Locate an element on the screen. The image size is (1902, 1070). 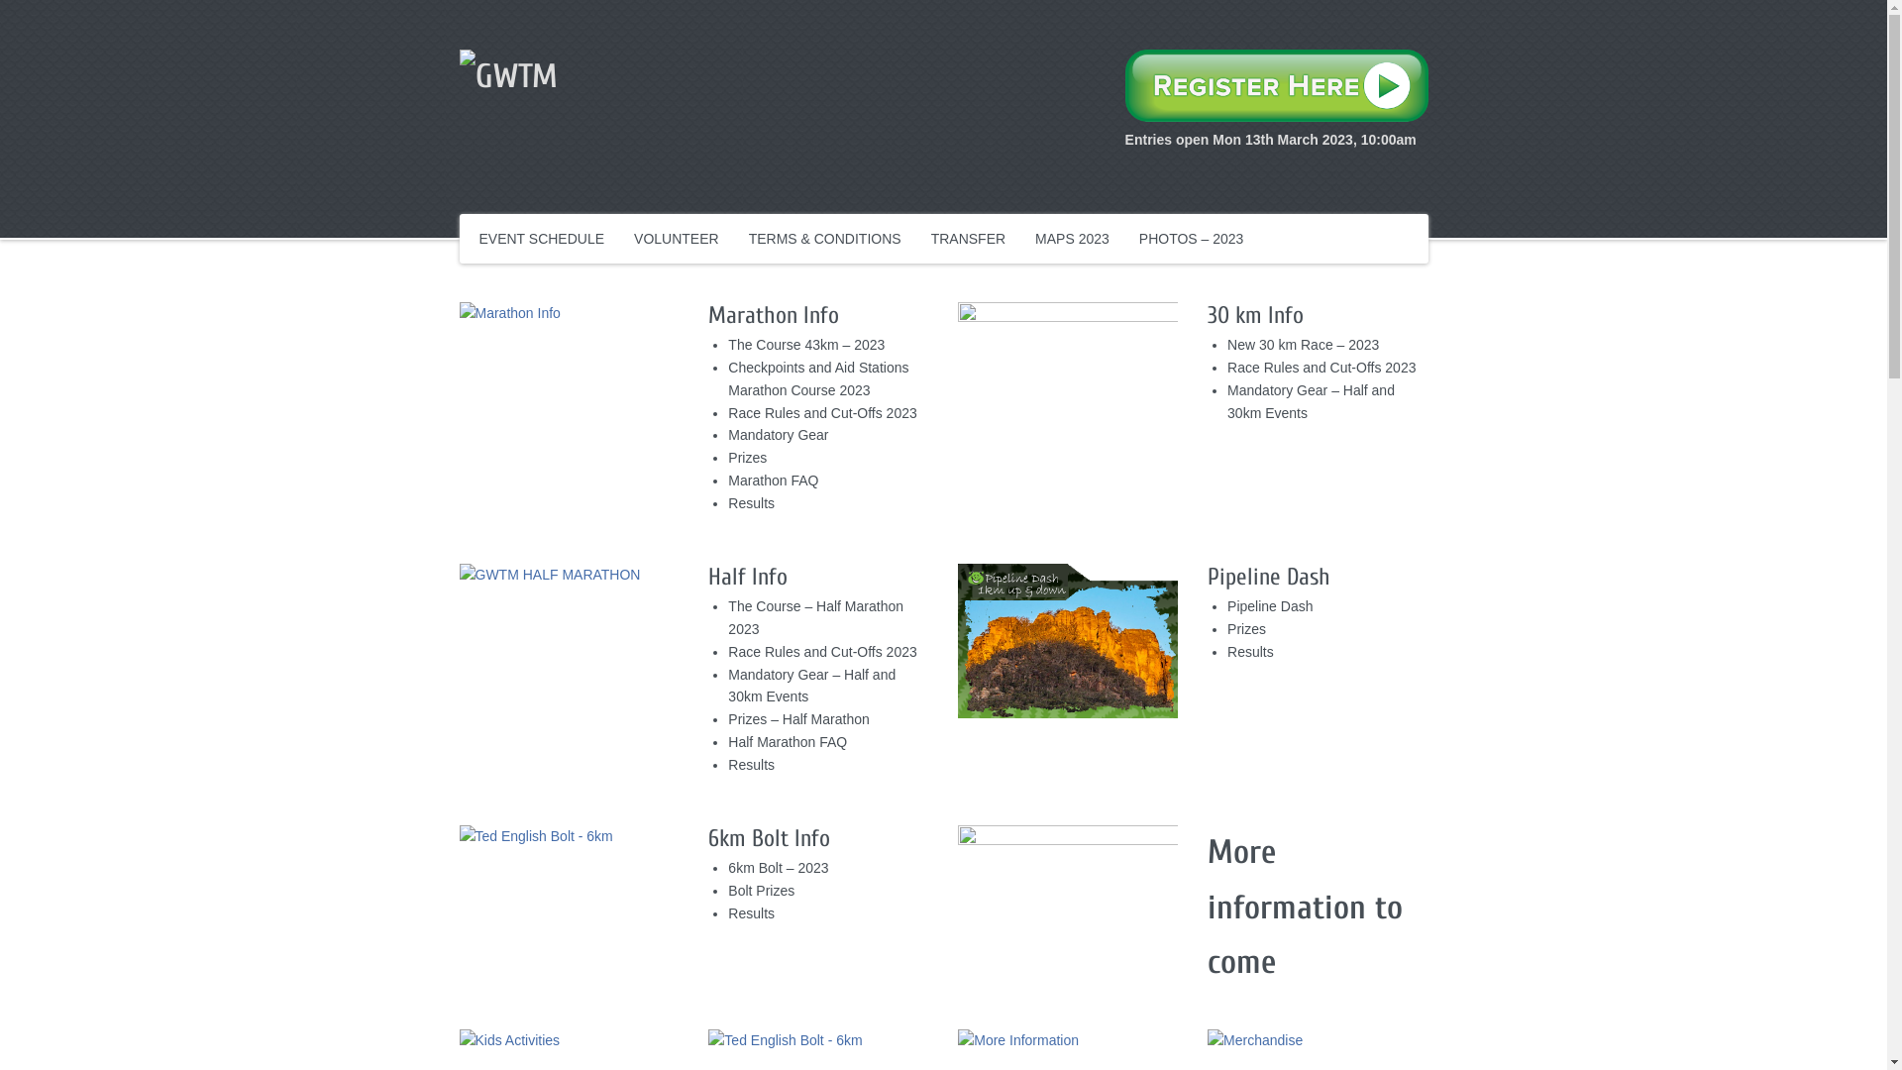
'Half Marathon FAQ' is located at coordinates (726, 741).